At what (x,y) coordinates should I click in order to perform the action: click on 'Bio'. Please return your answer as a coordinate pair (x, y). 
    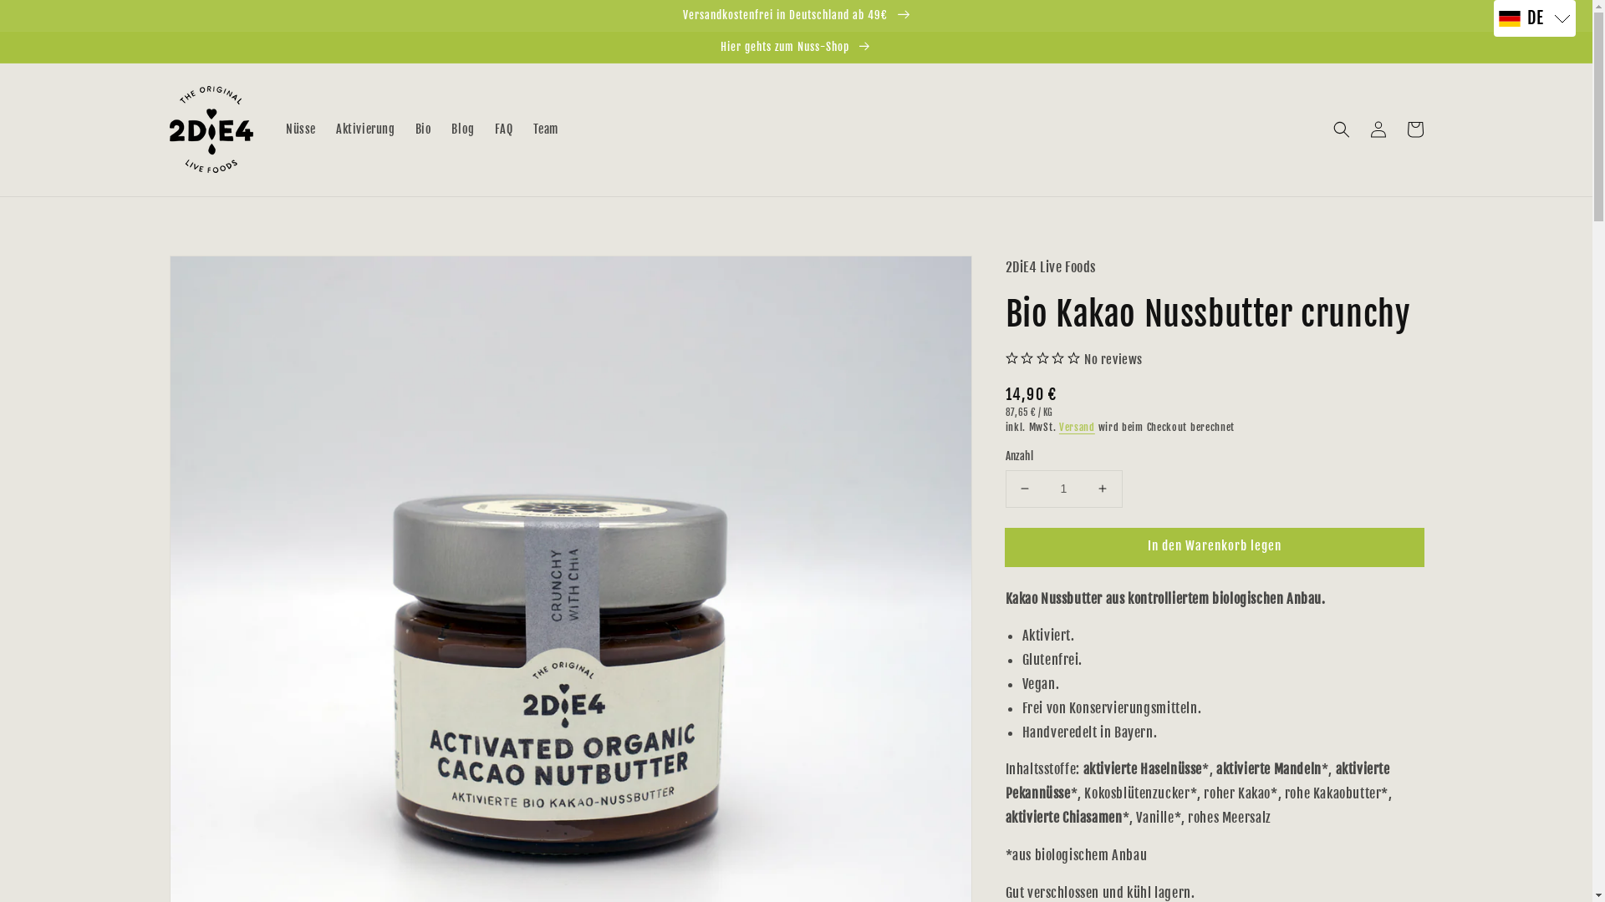
    Looking at the image, I should click on (424, 128).